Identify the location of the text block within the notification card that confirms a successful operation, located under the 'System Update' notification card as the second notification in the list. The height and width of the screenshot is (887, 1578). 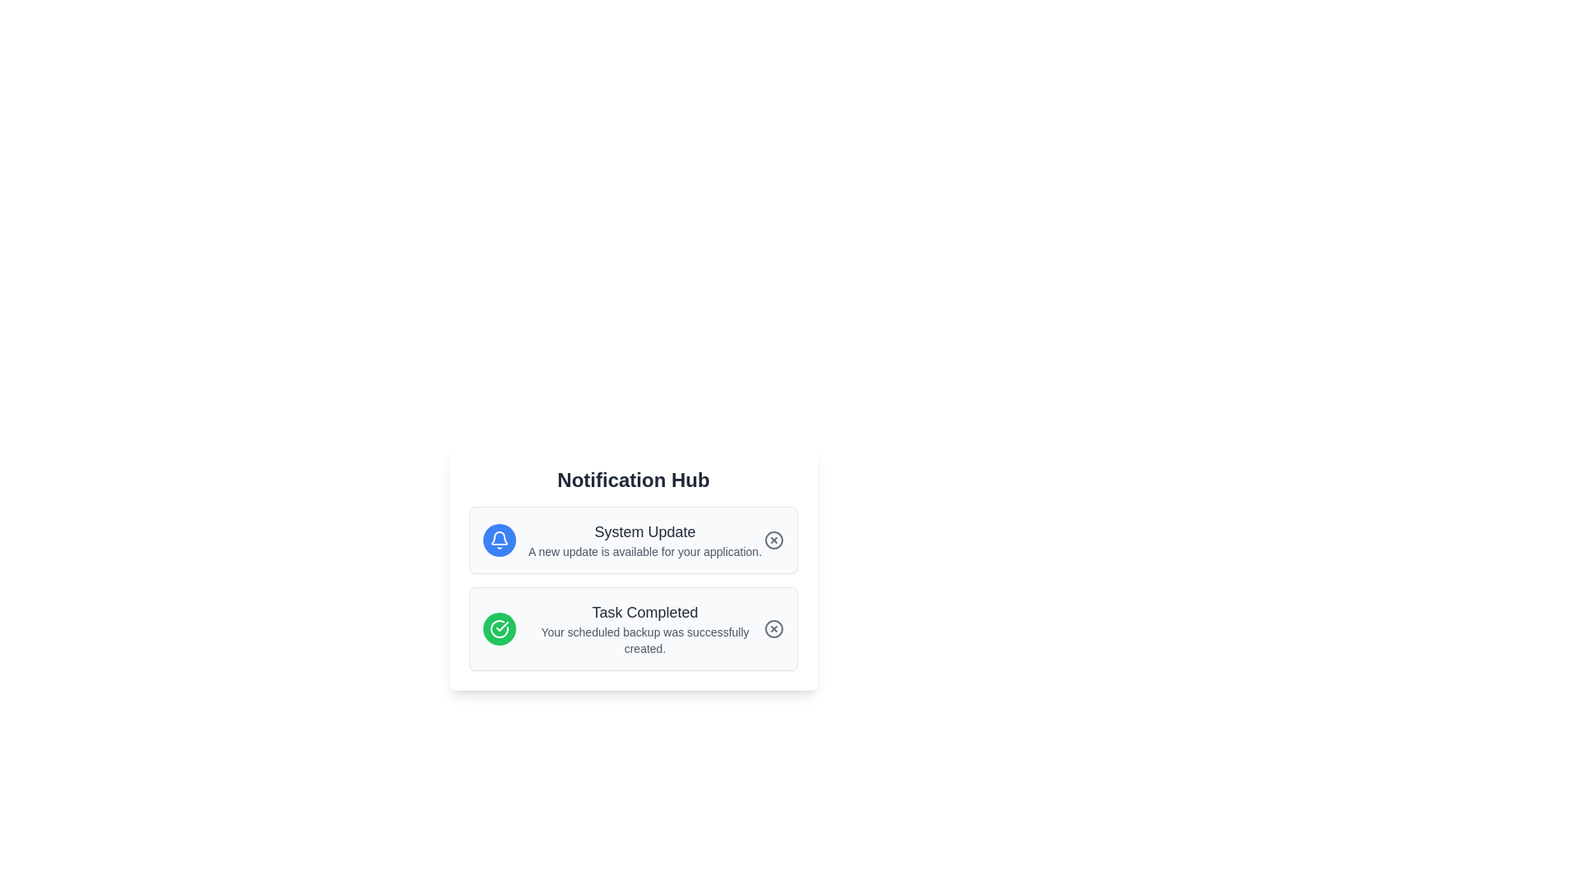
(644, 628).